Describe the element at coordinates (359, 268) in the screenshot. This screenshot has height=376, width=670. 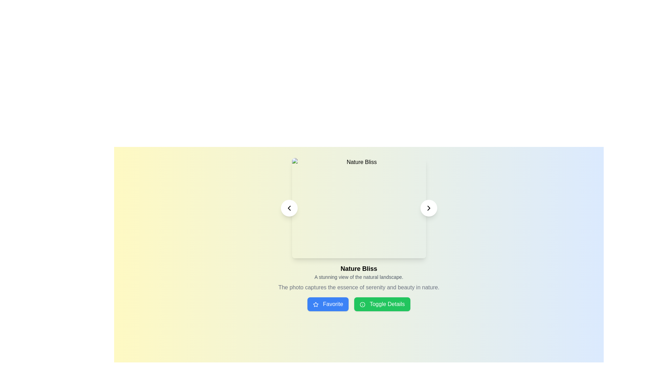
I see `the heading or text label that serves as the title or heading for the content section, which is centrally located above the descriptive text and below the upper image section` at that location.